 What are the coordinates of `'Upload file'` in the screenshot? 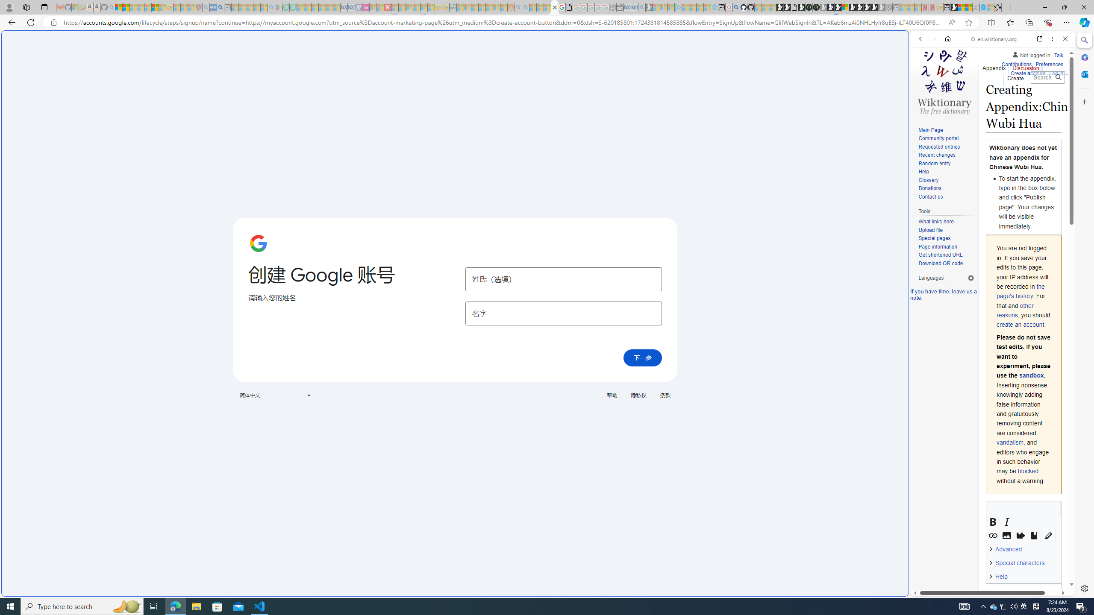 It's located at (946, 230).